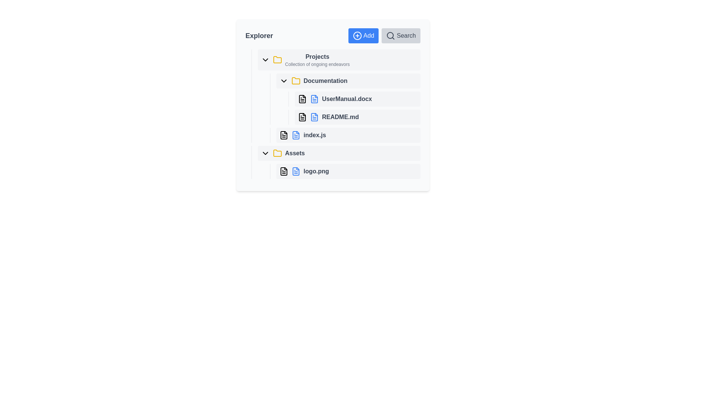 The width and height of the screenshot is (724, 407). Describe the element at coordinates (325, 81) in the screenshot. I see `the 'Documentation' text label in the file navigation interface` at that location.